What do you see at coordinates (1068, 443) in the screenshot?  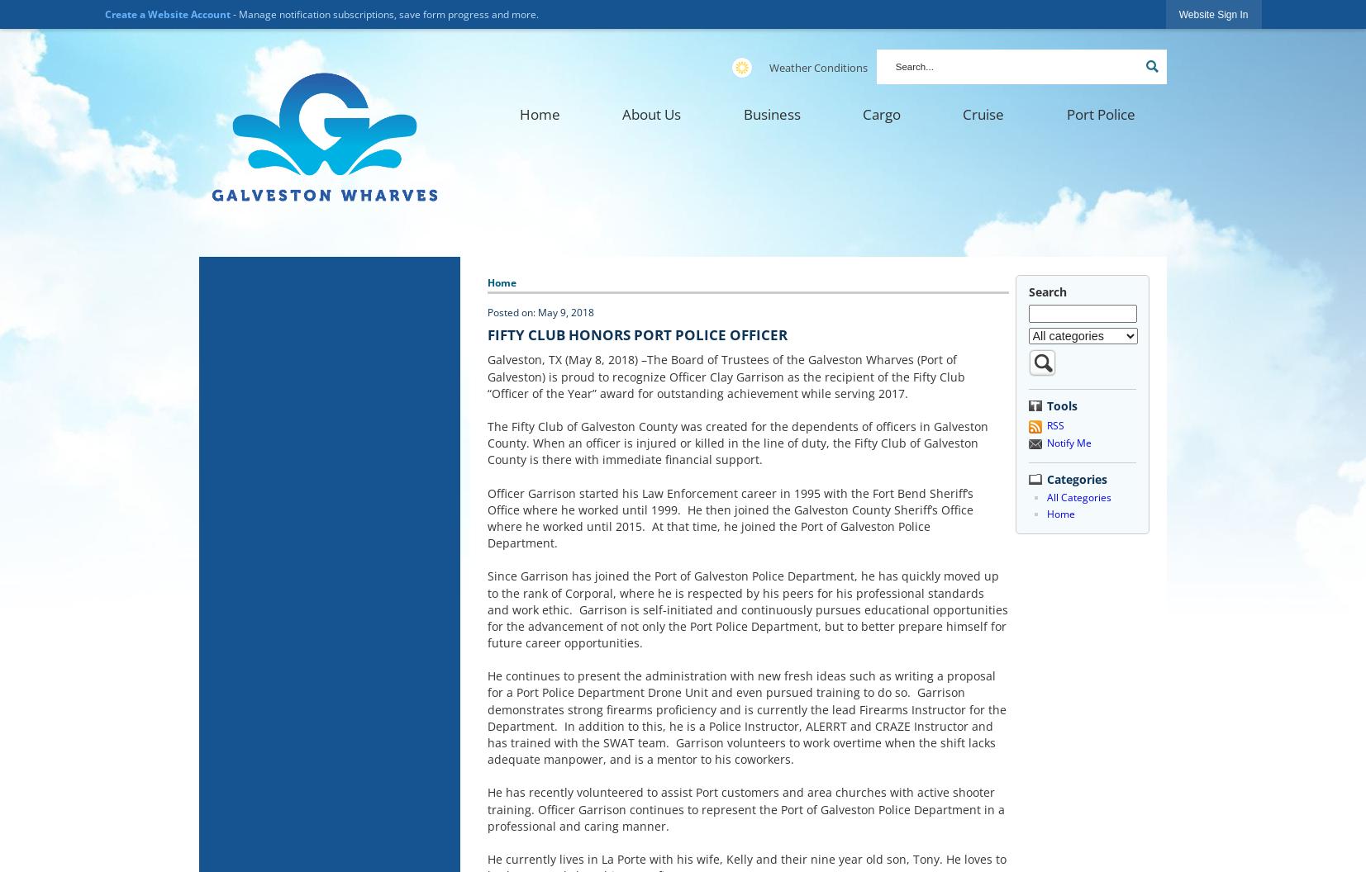 I see `'Notify Me'` at bounding box center [1068, 443].